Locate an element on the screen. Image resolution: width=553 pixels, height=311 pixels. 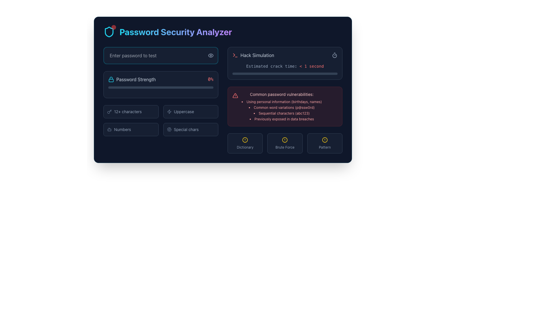
the text label displaying '12+ characters' in light gray color, which is located next to a key-shaped icon is located at coordinates (127, 112).